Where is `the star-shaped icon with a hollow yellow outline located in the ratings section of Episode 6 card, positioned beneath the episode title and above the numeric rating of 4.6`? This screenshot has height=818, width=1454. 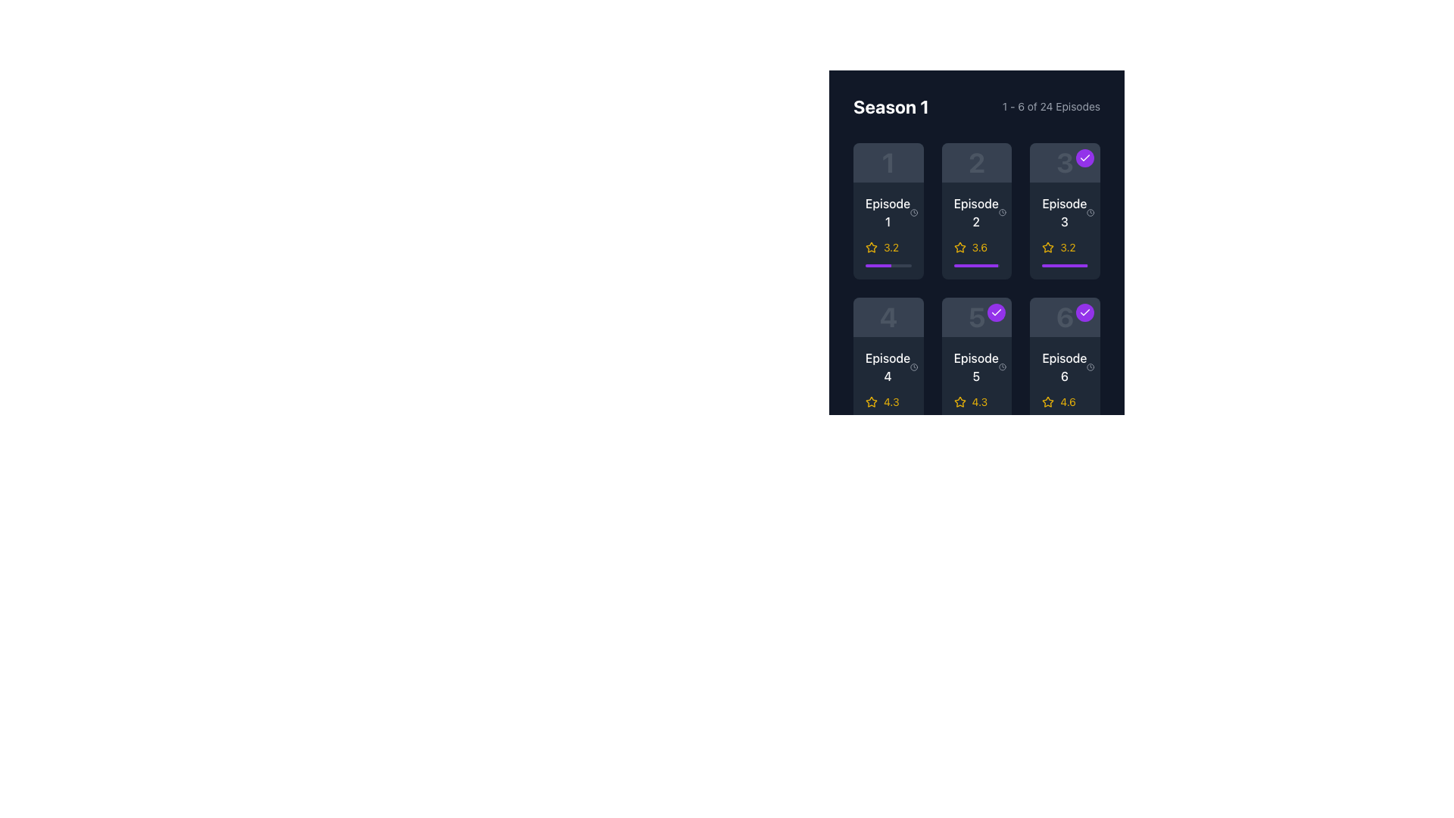 the star-shaped icon with a hollow yellow outline located in the ratings section of Episode 6 card, positioned beneath the episode title and above the numeric rating of 4.6 is located at coordinates (1047, 401).